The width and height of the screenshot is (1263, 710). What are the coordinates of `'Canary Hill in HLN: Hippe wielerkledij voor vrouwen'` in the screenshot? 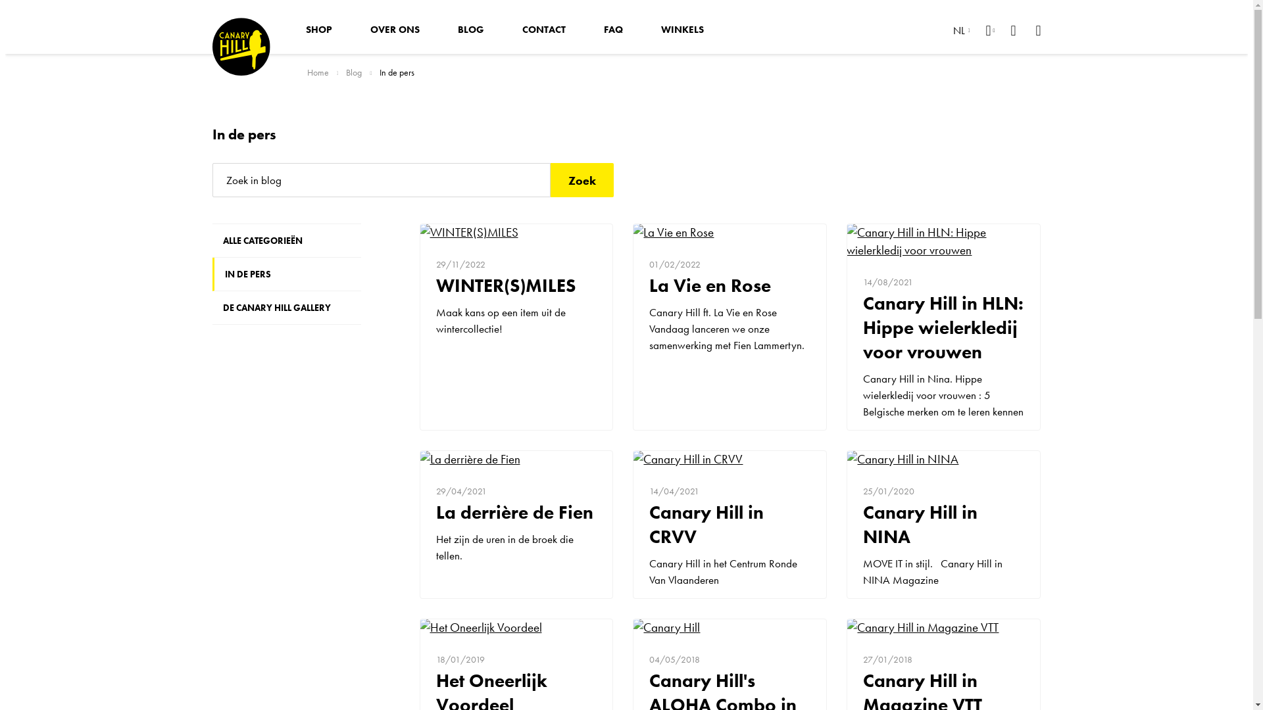 It's located at (943, 241).